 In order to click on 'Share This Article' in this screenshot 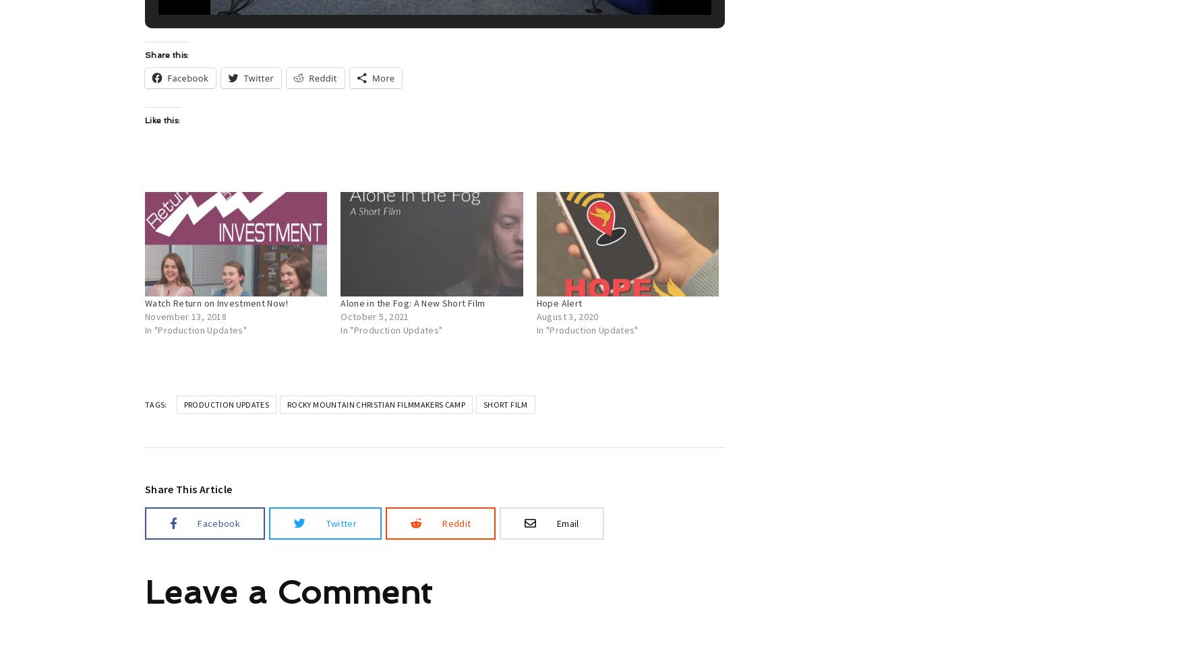, I will do `click(187, 488)`.